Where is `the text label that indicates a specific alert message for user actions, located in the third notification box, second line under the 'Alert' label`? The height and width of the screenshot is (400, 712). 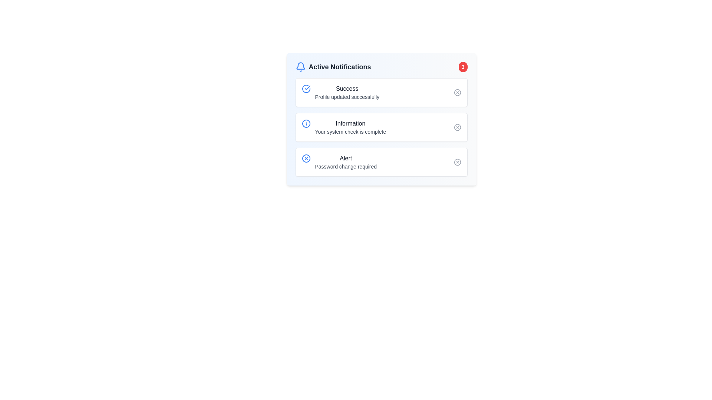 the text label that indicates a specific alert message for user actions, located in the third notification box, second line under the 'Alert' label is located at coordinates (345, 167).